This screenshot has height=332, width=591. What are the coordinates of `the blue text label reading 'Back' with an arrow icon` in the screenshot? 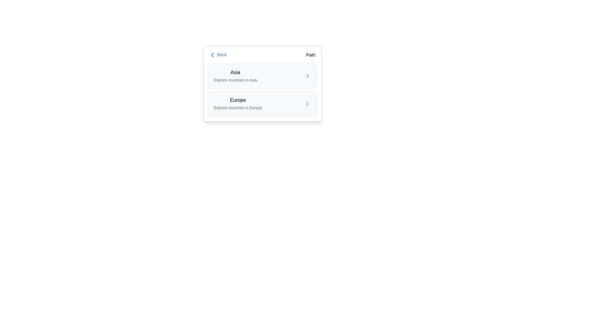 It's located at (217, 54).